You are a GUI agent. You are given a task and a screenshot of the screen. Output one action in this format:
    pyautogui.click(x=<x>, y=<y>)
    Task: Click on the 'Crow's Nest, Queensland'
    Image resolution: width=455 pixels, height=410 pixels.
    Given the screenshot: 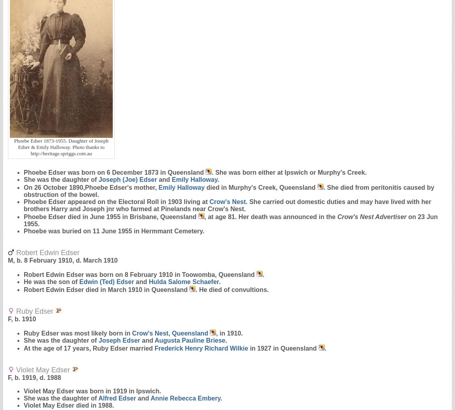 What is the action you would take?
    pyautogui.click(x=170, y=333)
    